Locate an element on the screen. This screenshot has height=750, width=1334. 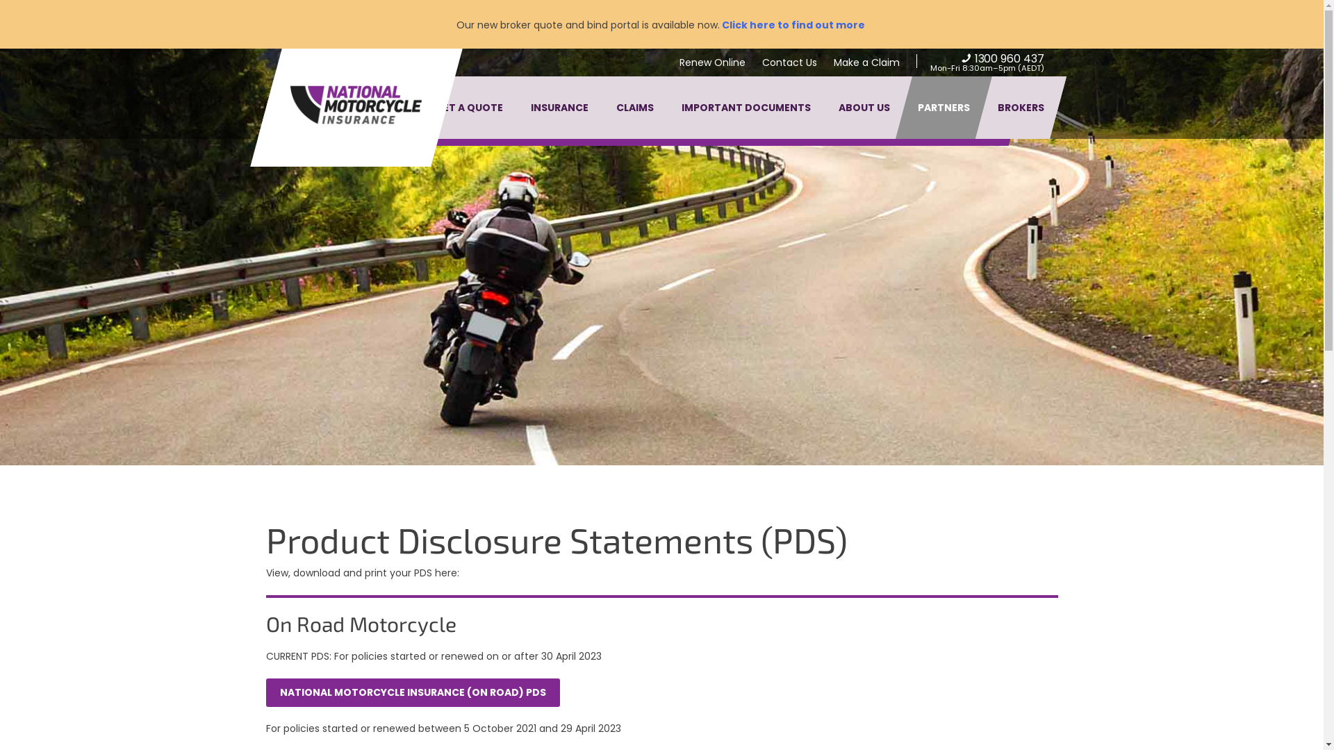
'NATIONAL MOTORCYCLE INSURANCE (ON ROAD) PDS' is located at coordinates (411, 692).